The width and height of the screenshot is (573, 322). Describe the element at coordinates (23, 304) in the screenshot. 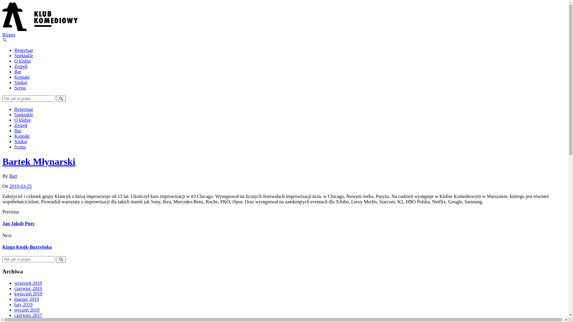

I see `'luty 2019'` at that location.